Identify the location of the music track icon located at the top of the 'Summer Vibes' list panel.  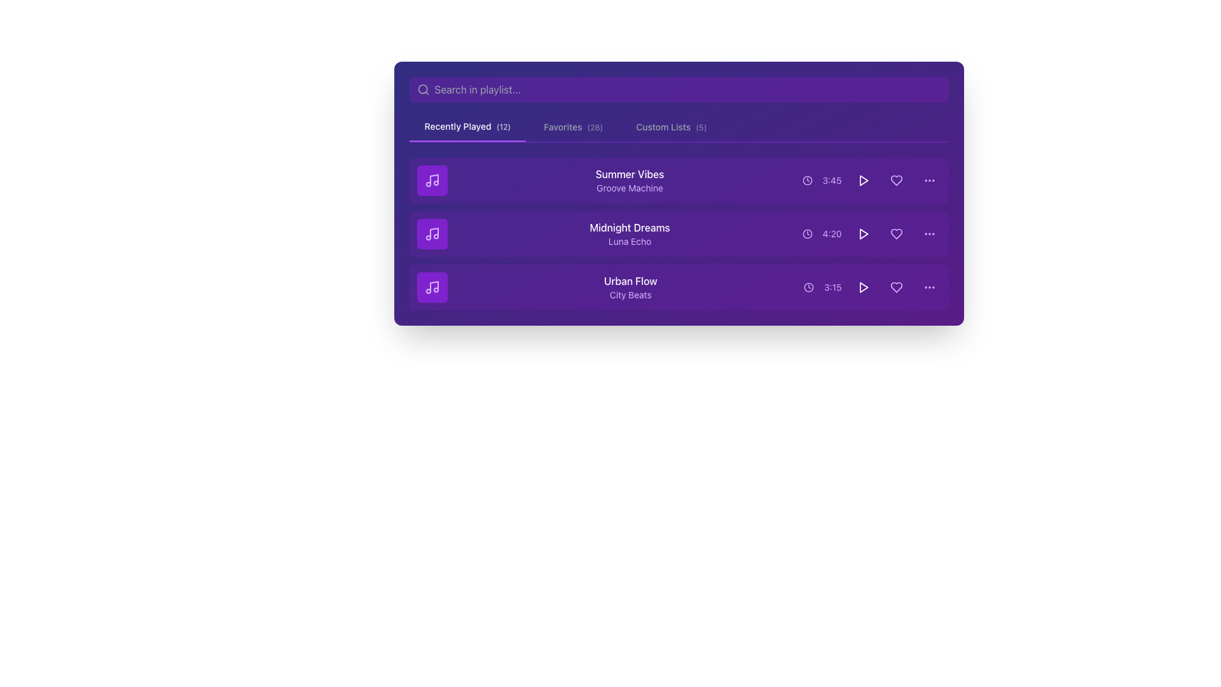
(432, 181).